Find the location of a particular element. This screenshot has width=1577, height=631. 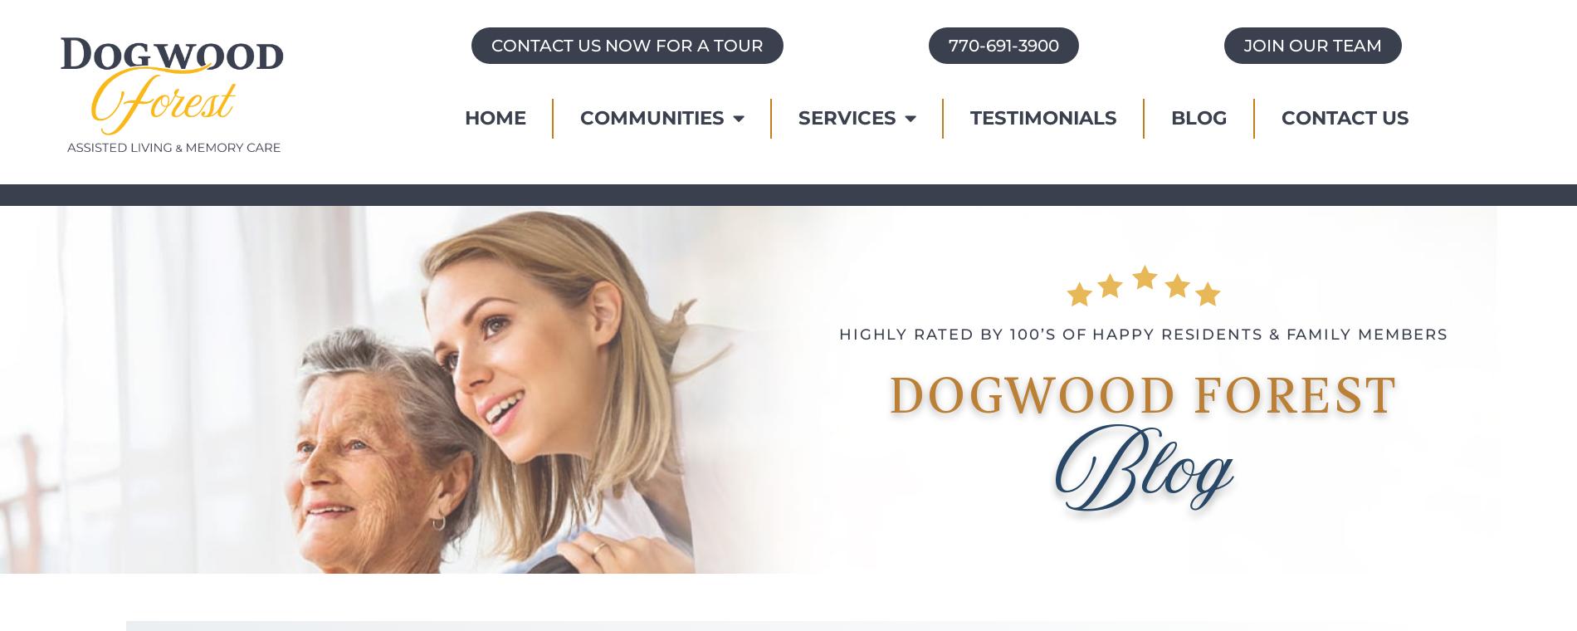

'Services' is located at coordinates (846, 117).